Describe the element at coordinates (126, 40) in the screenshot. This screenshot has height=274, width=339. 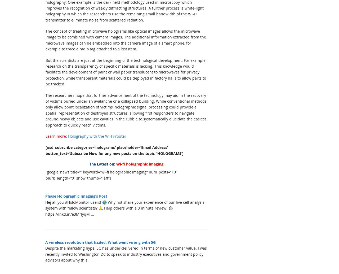
I see `'The concept of treating microwave holograms like optical images allows the microwave image to be combined with camera images. The additional information extracted from the microwave images can be embedded into the camera image of a smart phone, for example to trace a radio tag attached to a lost item.'` at that location.